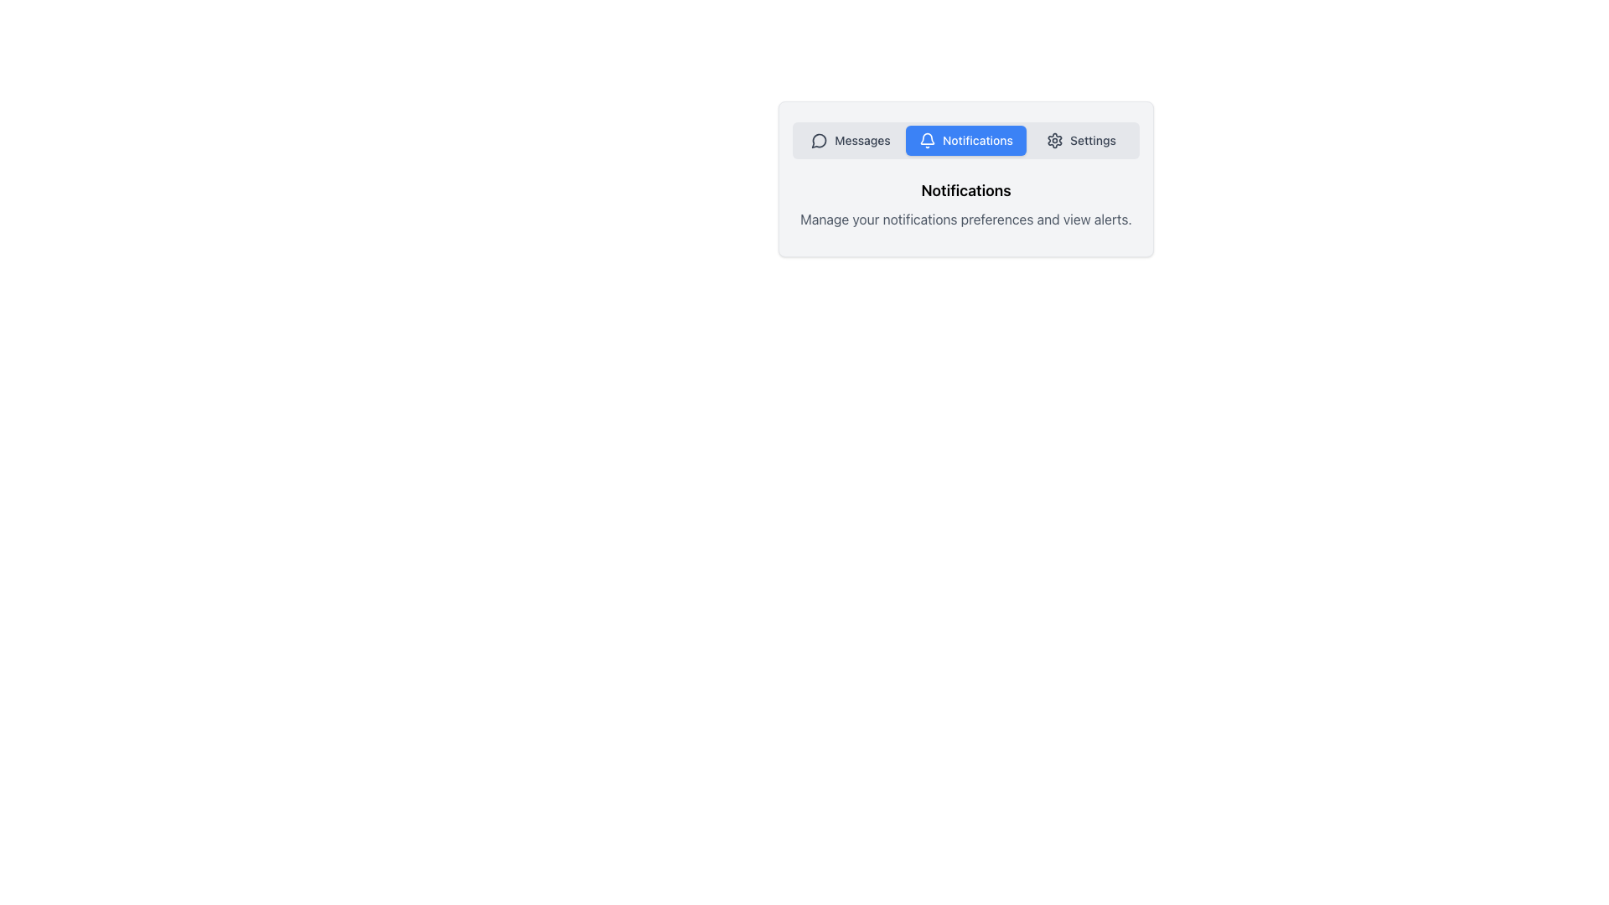  What do you see at coordinates (965, 140) in the screenshot?
I see `the 'Notifications' button, which is a horizontally rectangular button with rounded edges and a blue background` at bounding box center [965, 140].